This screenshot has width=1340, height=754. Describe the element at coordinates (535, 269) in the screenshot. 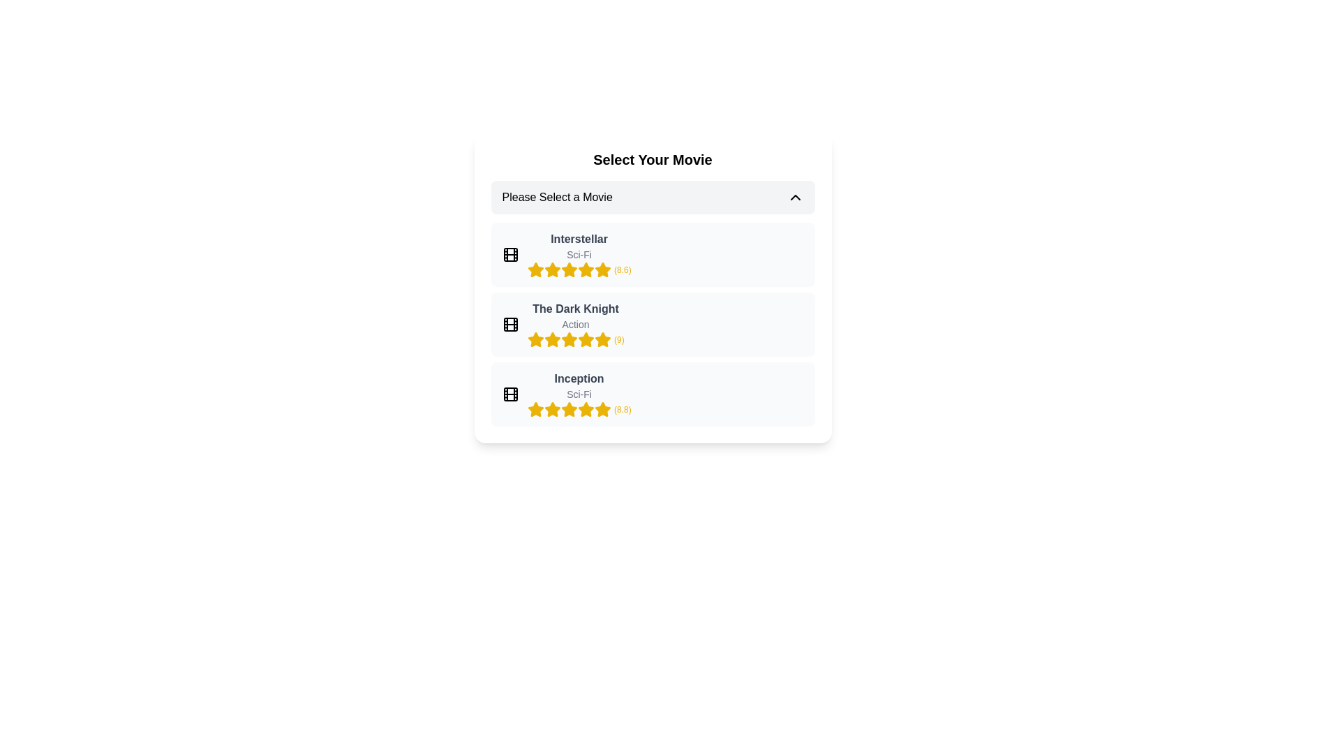

I see `the first star icon in the rating system for the movie 'Interstellar', which is located to the right of the movie title and genre text, and left of the numerical rating value '(8.6)'` at that location.